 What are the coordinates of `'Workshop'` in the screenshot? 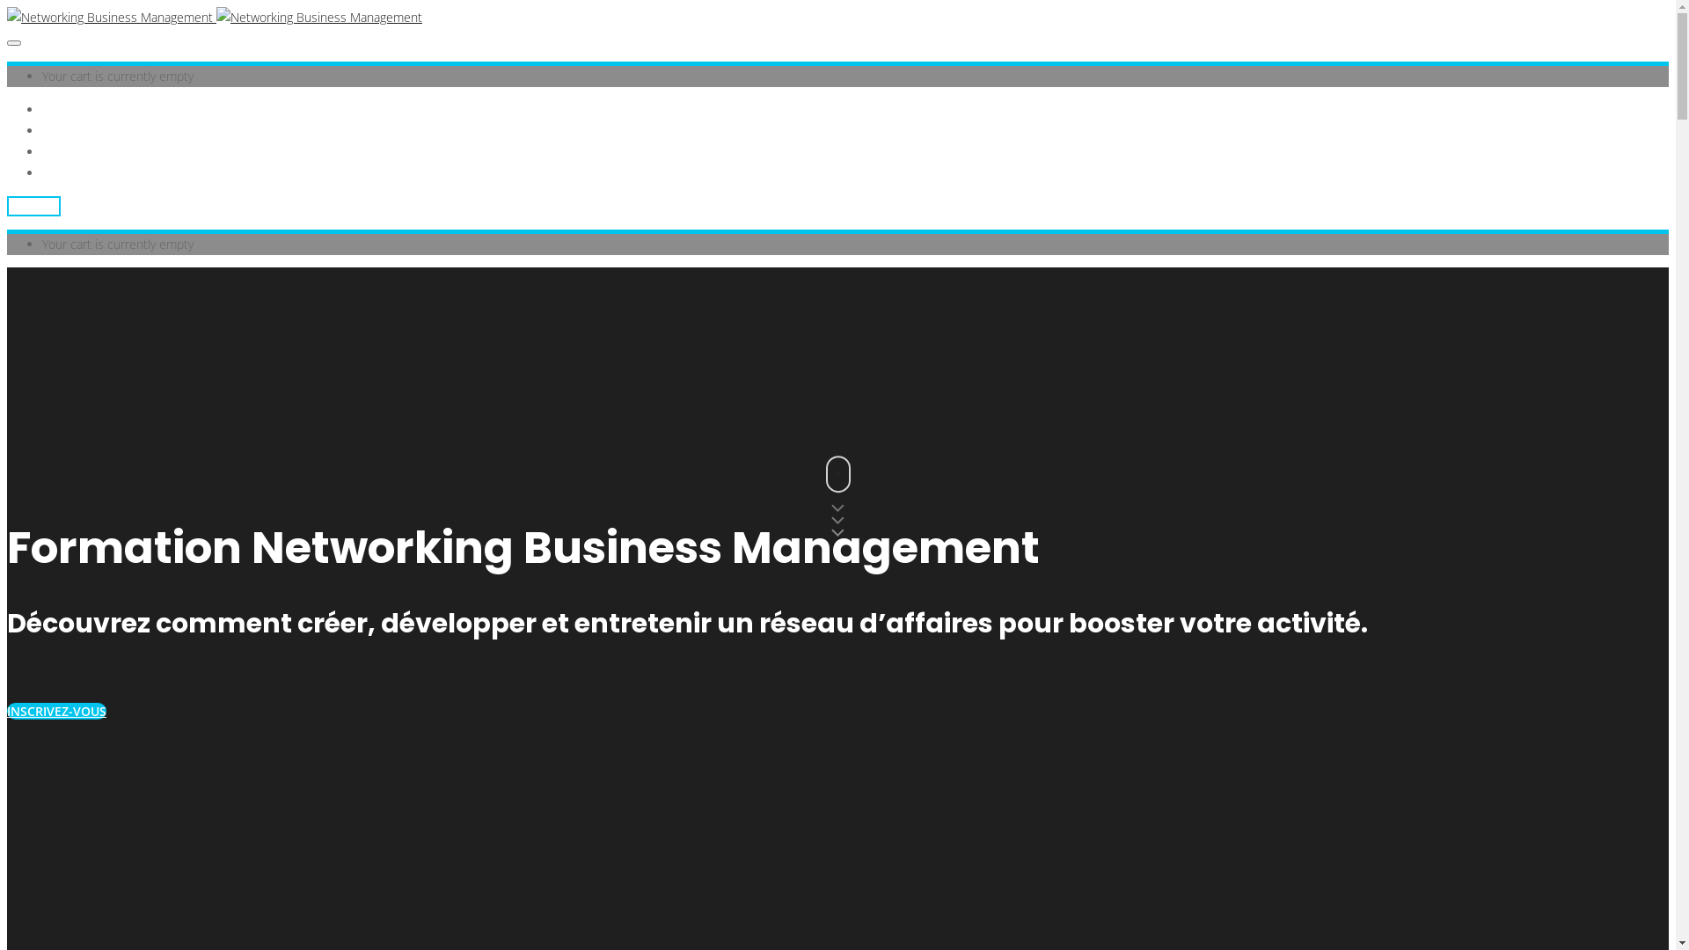 It's located at (69, 129).